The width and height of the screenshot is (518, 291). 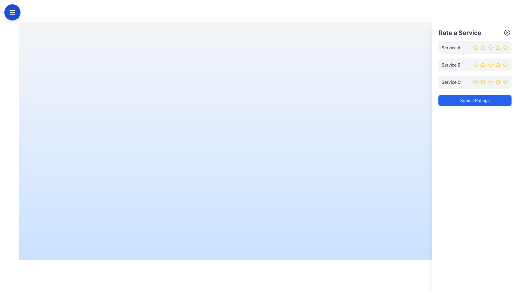 I want to click on the fourth star icon in the rating interface next to the 'Service A' label, so click(x=490, y=47).